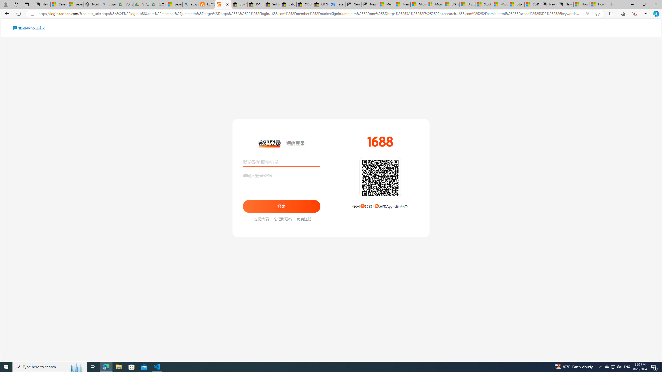  I want to click on 'Read aloud this page (Ctrl+Shift+U)', so click(587, 14).